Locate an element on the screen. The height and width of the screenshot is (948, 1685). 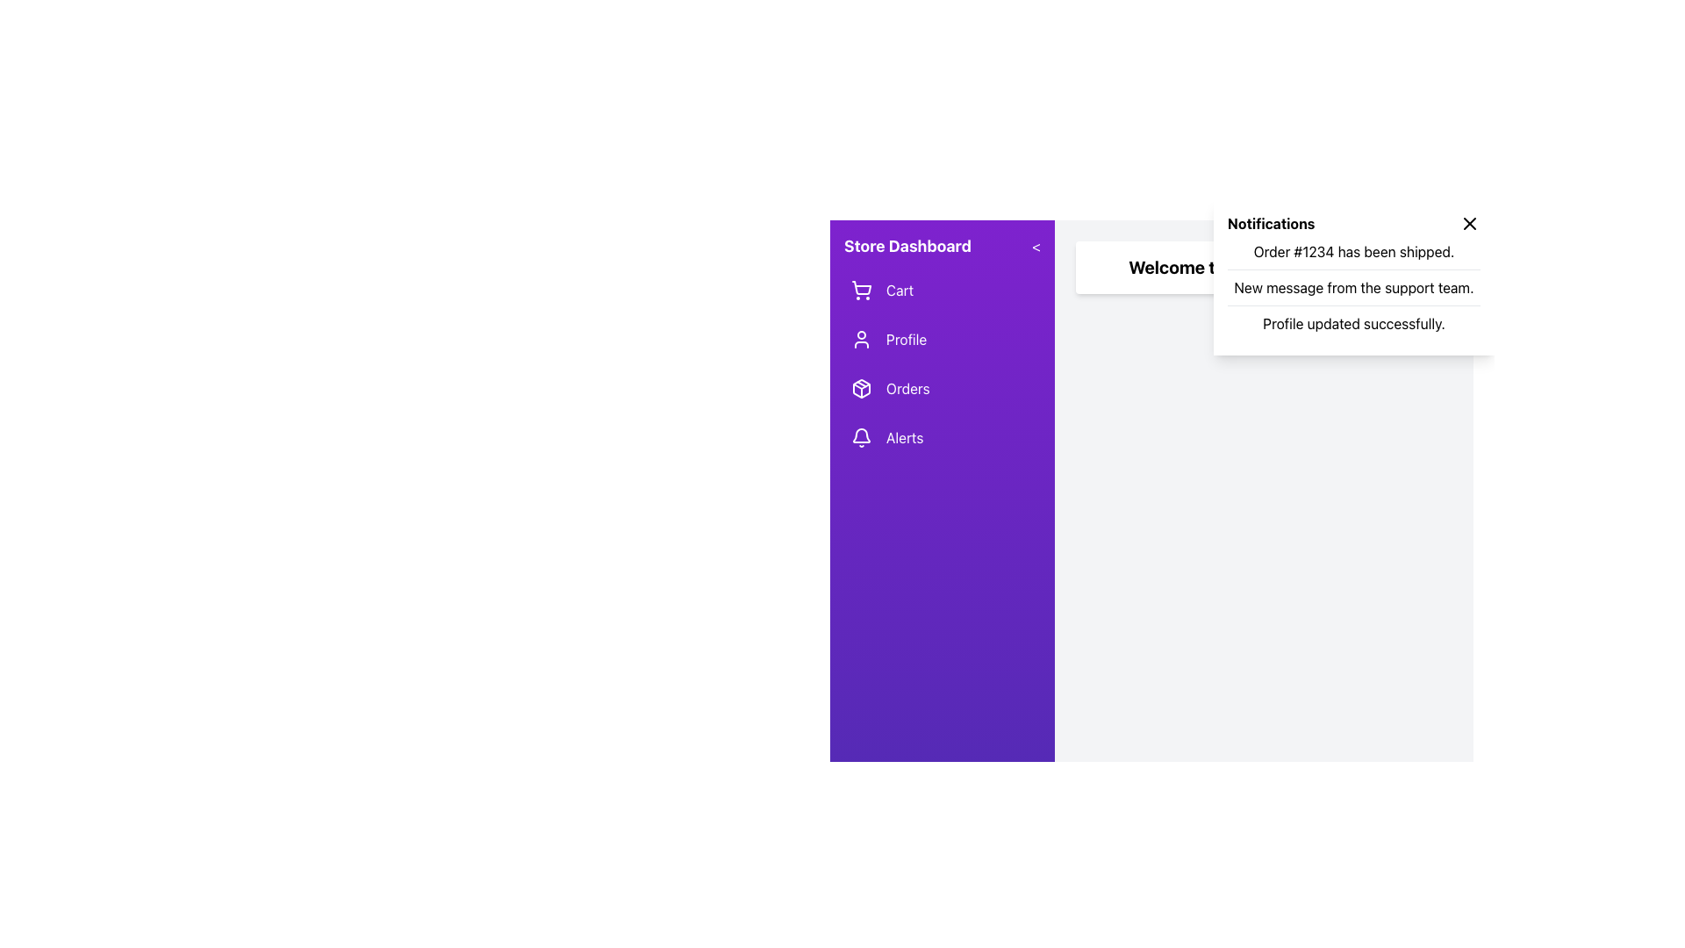
the white bell icon on the purple background in the Alerts menu located on the left sidebar is located at coordinates (862, 436).